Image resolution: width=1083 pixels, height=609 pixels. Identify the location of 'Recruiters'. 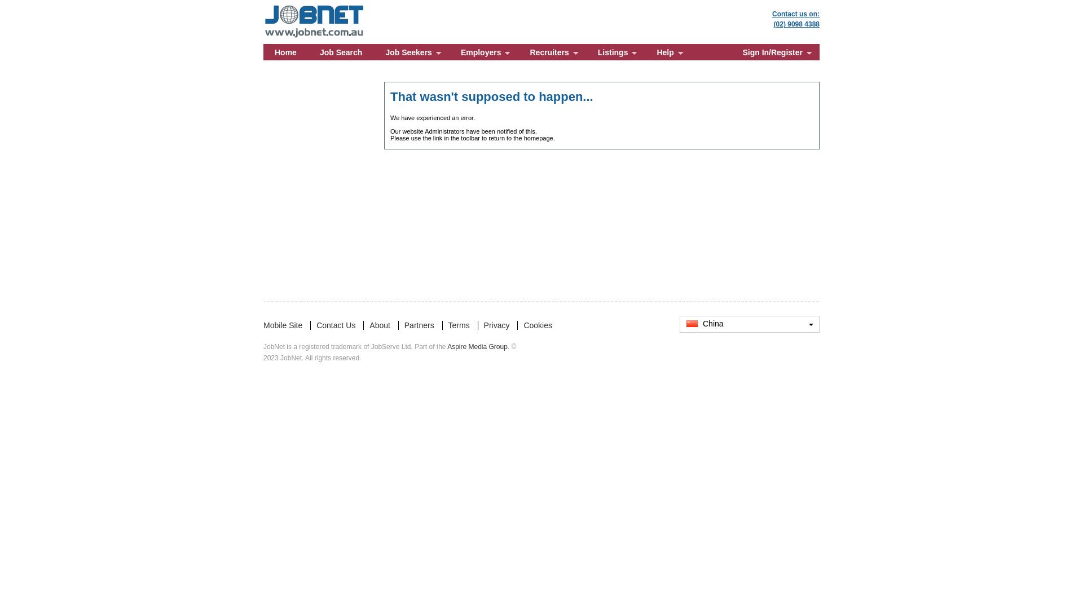
(552, 52).